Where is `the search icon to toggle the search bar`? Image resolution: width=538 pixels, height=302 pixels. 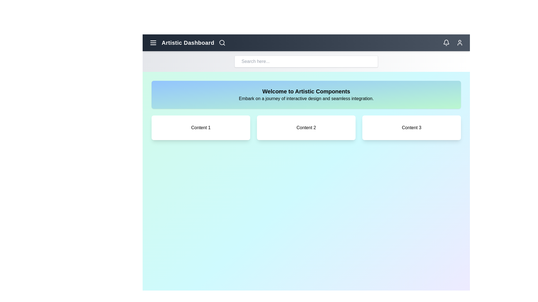 the search icon to toggle the search bar is located at coordinates (222, 43).